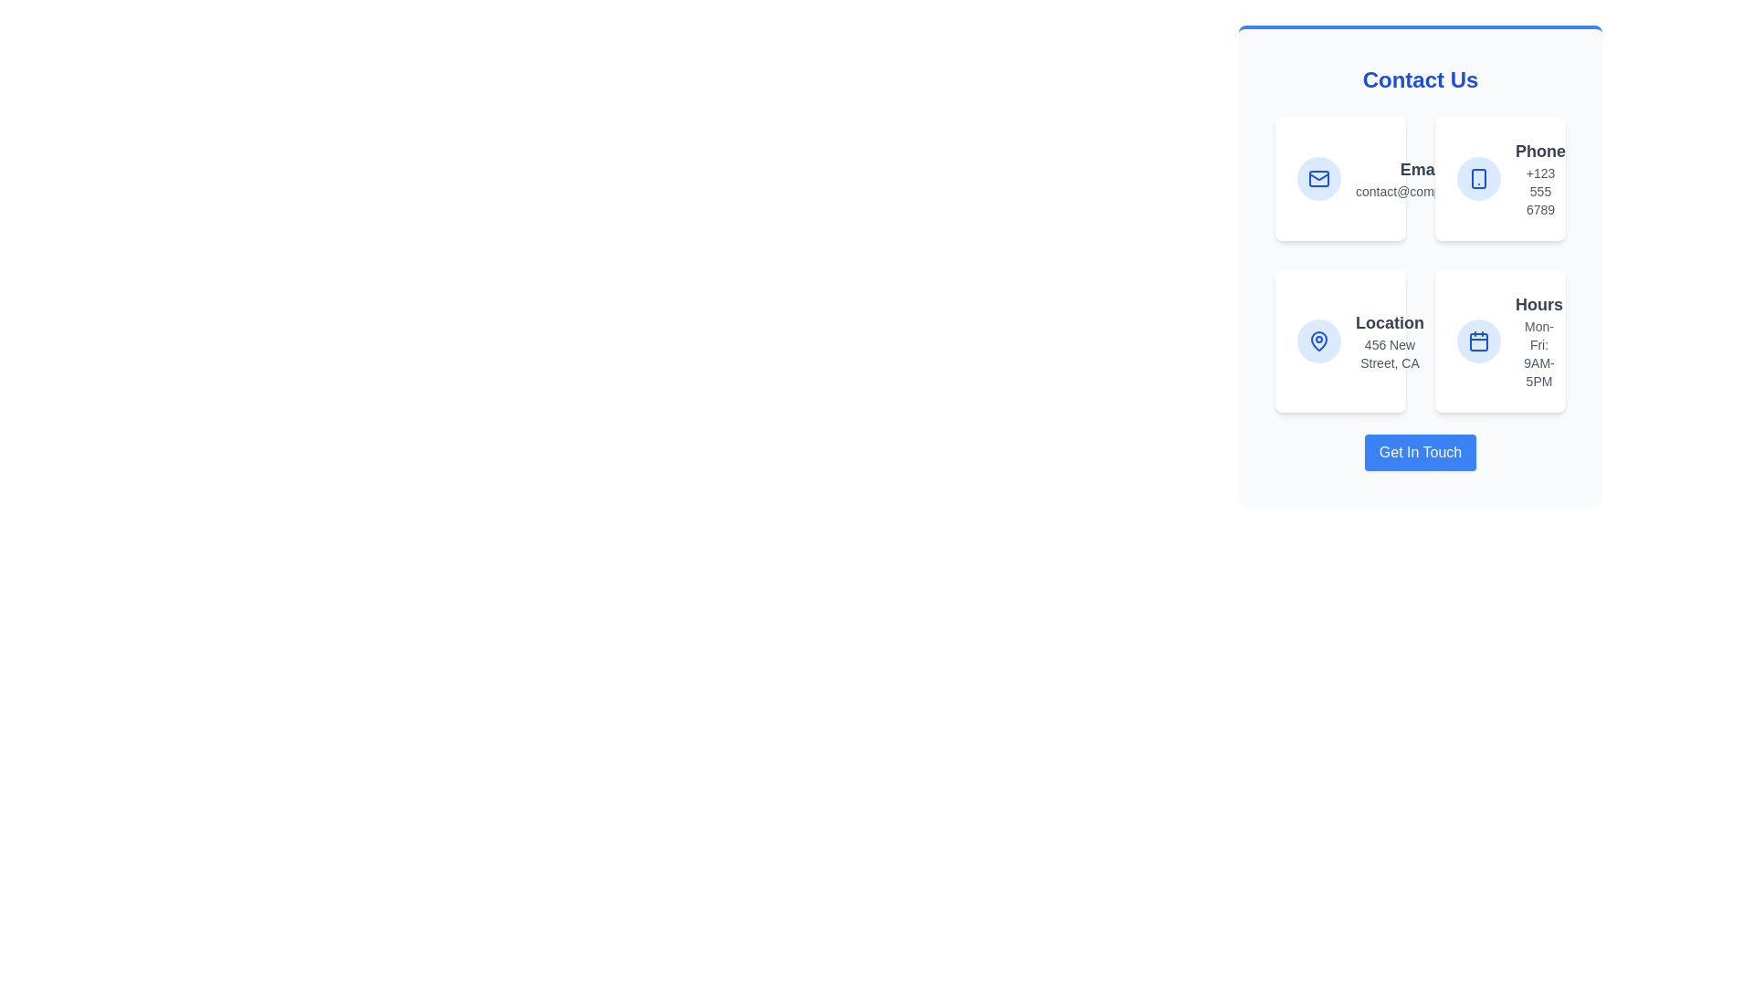  What do you see at coordinates (1419, 452) in the screenshot?
I see `the blue rectangular button labeled 'Get In Touch' to initiate the contact process` at bounding box center [1419, 452].